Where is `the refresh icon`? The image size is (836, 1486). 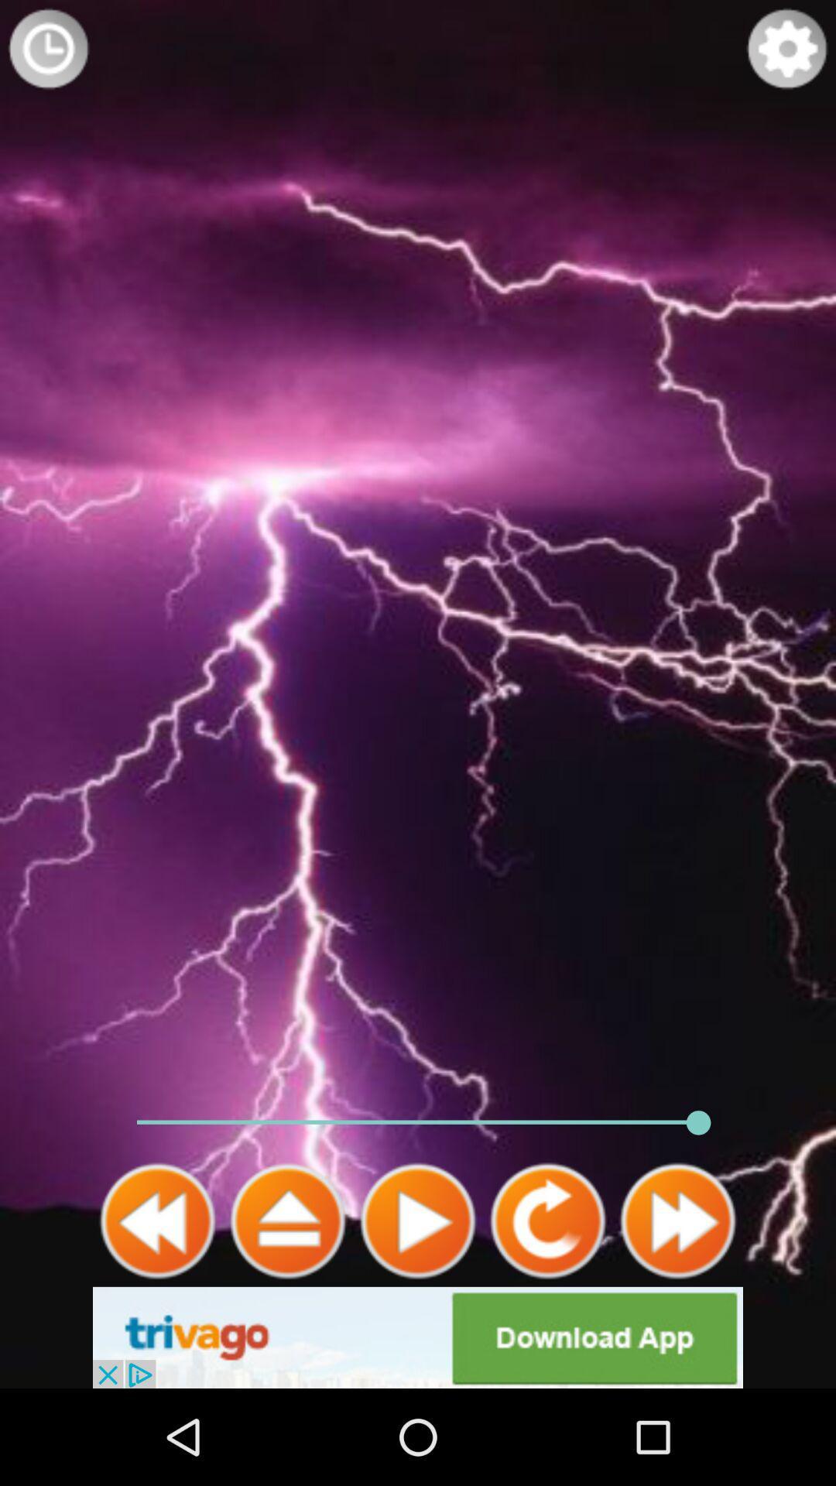 the refresh icon is located at coordinates (547, 1306).